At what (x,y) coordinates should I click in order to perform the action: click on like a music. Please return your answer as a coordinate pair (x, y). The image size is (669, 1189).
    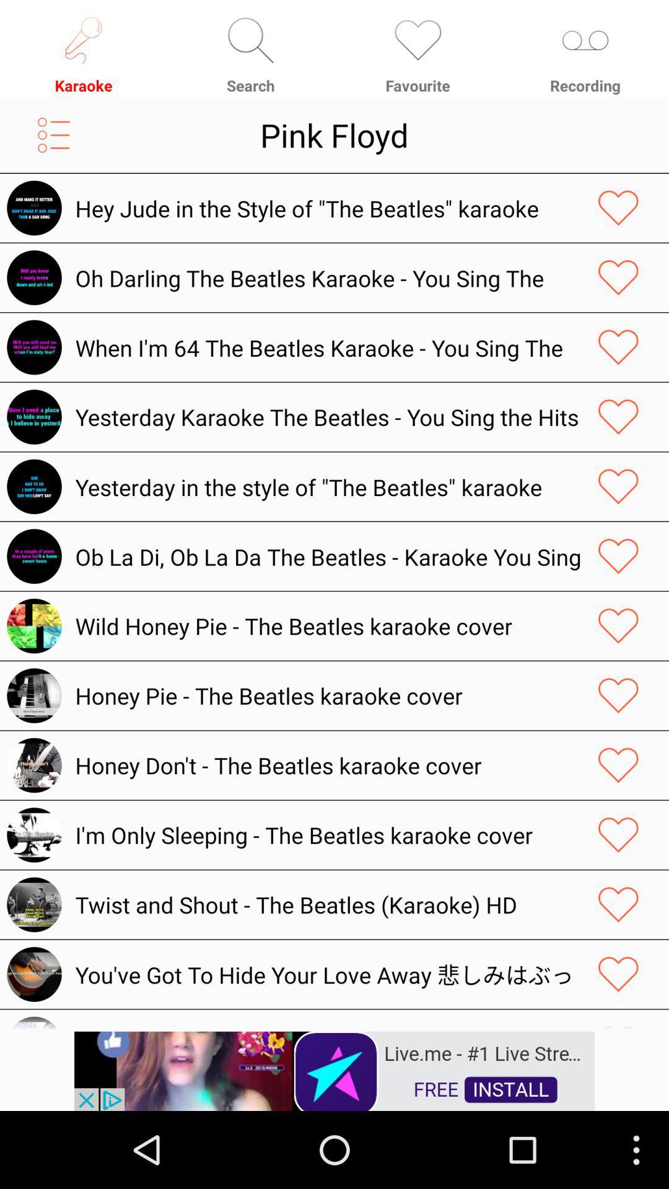
    Looking at the image, I should click on (618, 904).